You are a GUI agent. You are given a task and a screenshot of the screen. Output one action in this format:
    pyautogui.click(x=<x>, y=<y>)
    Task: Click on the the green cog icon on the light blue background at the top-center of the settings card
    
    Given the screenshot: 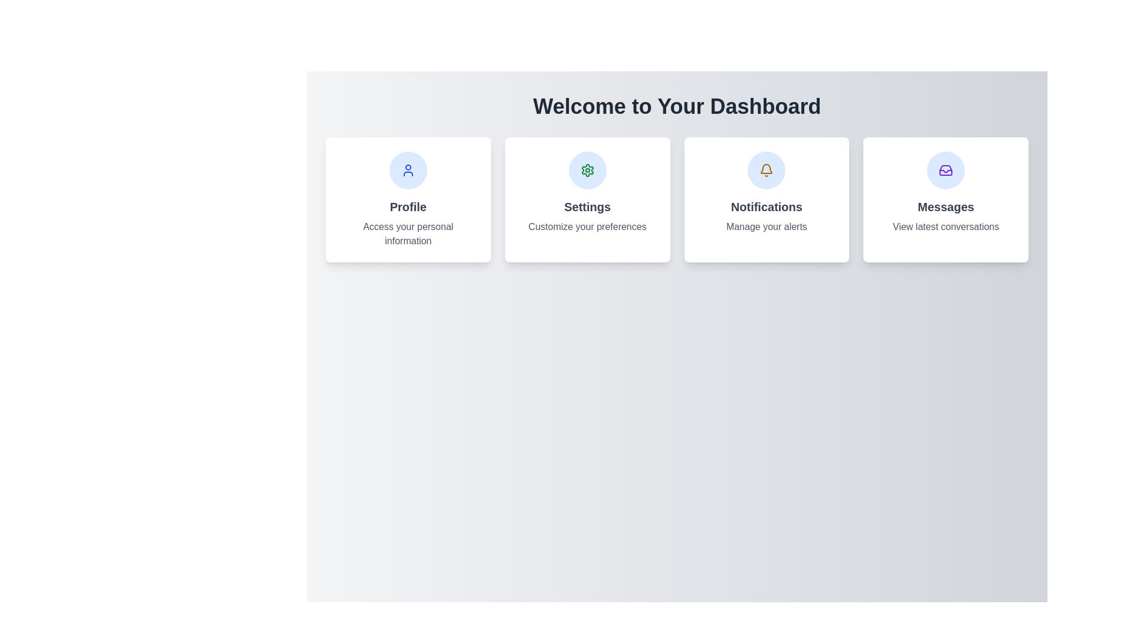 What is the action you would take?
    pyautogui.click(x=587, y=170)
    